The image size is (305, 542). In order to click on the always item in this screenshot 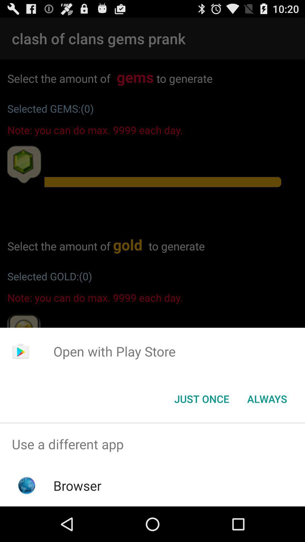, I will do `click(267, 398)`.